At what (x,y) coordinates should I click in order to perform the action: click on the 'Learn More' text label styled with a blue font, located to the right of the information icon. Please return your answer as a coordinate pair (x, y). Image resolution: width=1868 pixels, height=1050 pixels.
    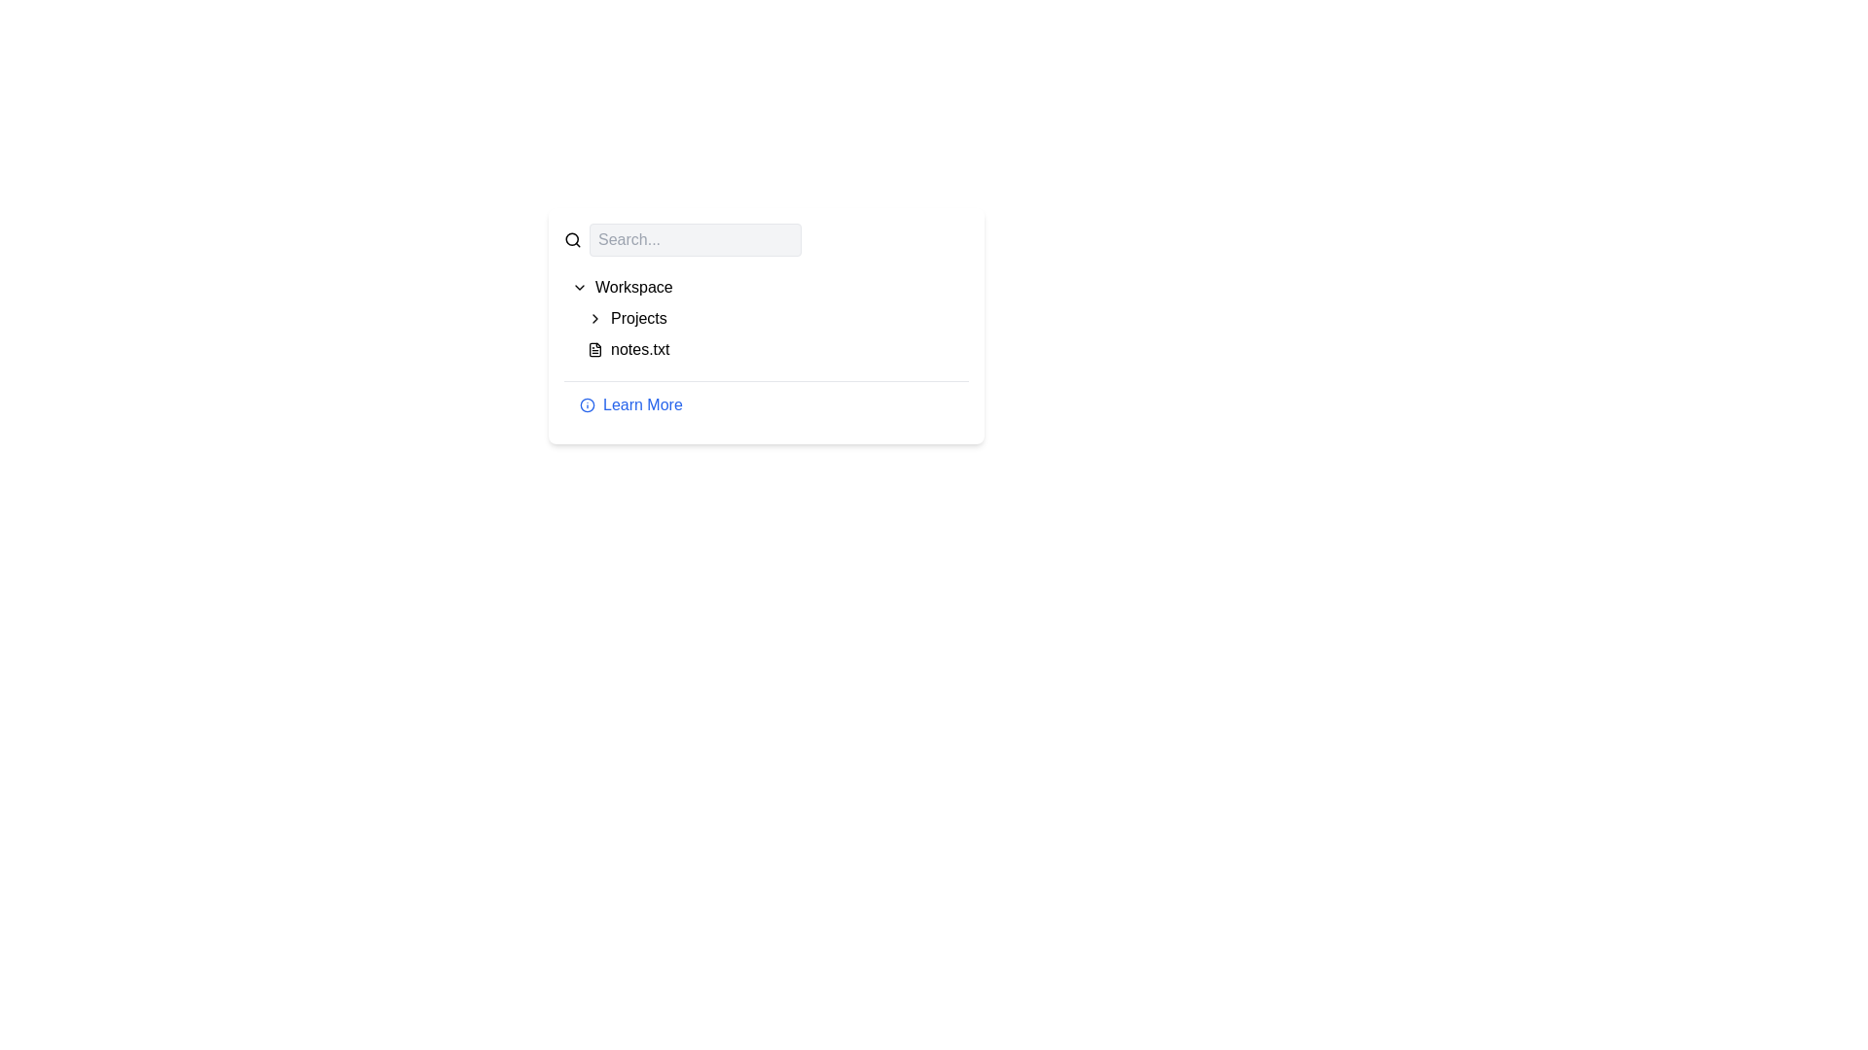
    Looking at the image, I should click on (642, 403).